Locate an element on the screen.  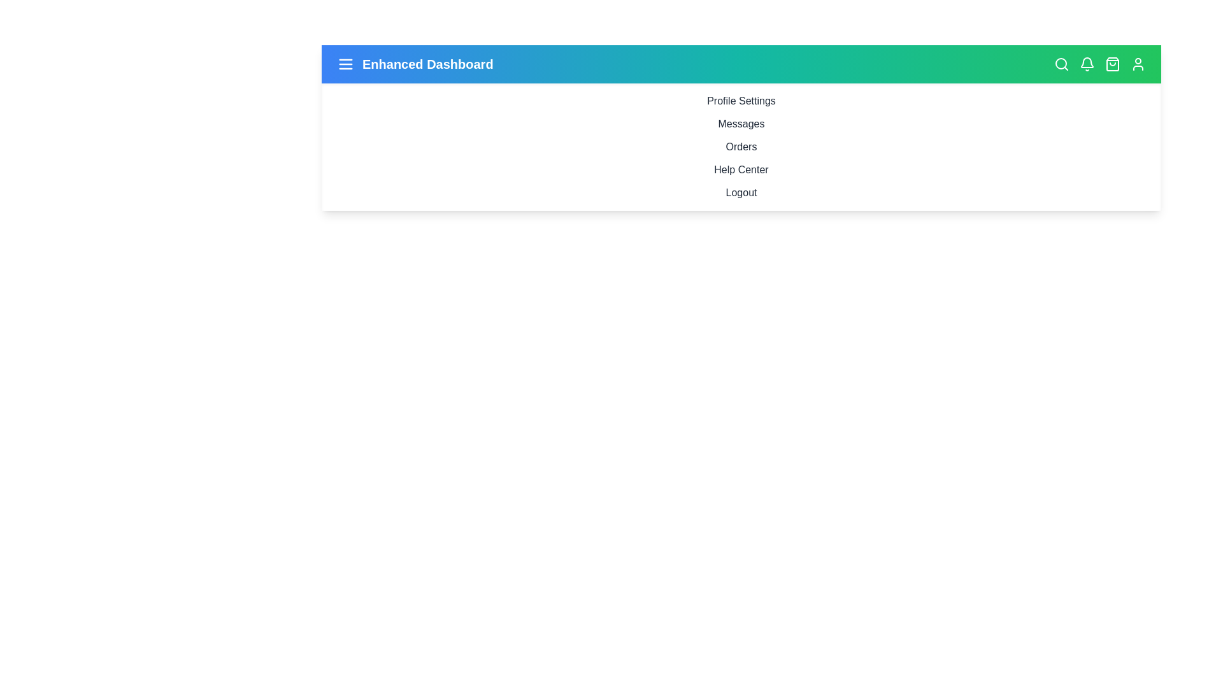
the search icon to initiate a search is located at coordinates (1061, 64).